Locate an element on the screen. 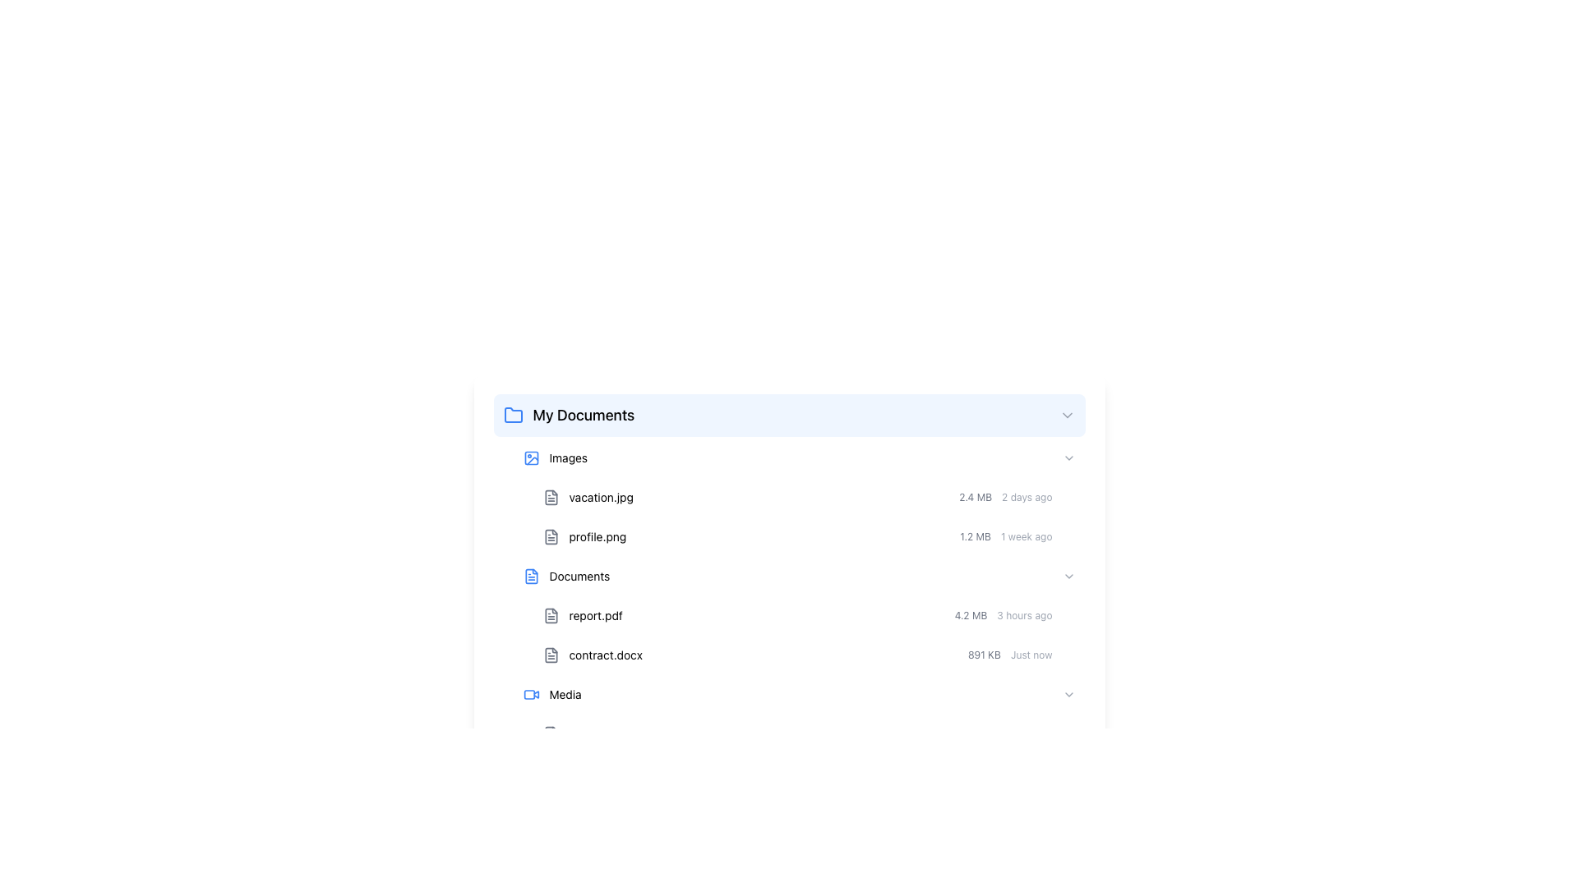 The image size is (1578, 887). the small text label displaying '1 week ago' that is light gray and located between the file size label and the download icon is located at coordinates (1026, 537).